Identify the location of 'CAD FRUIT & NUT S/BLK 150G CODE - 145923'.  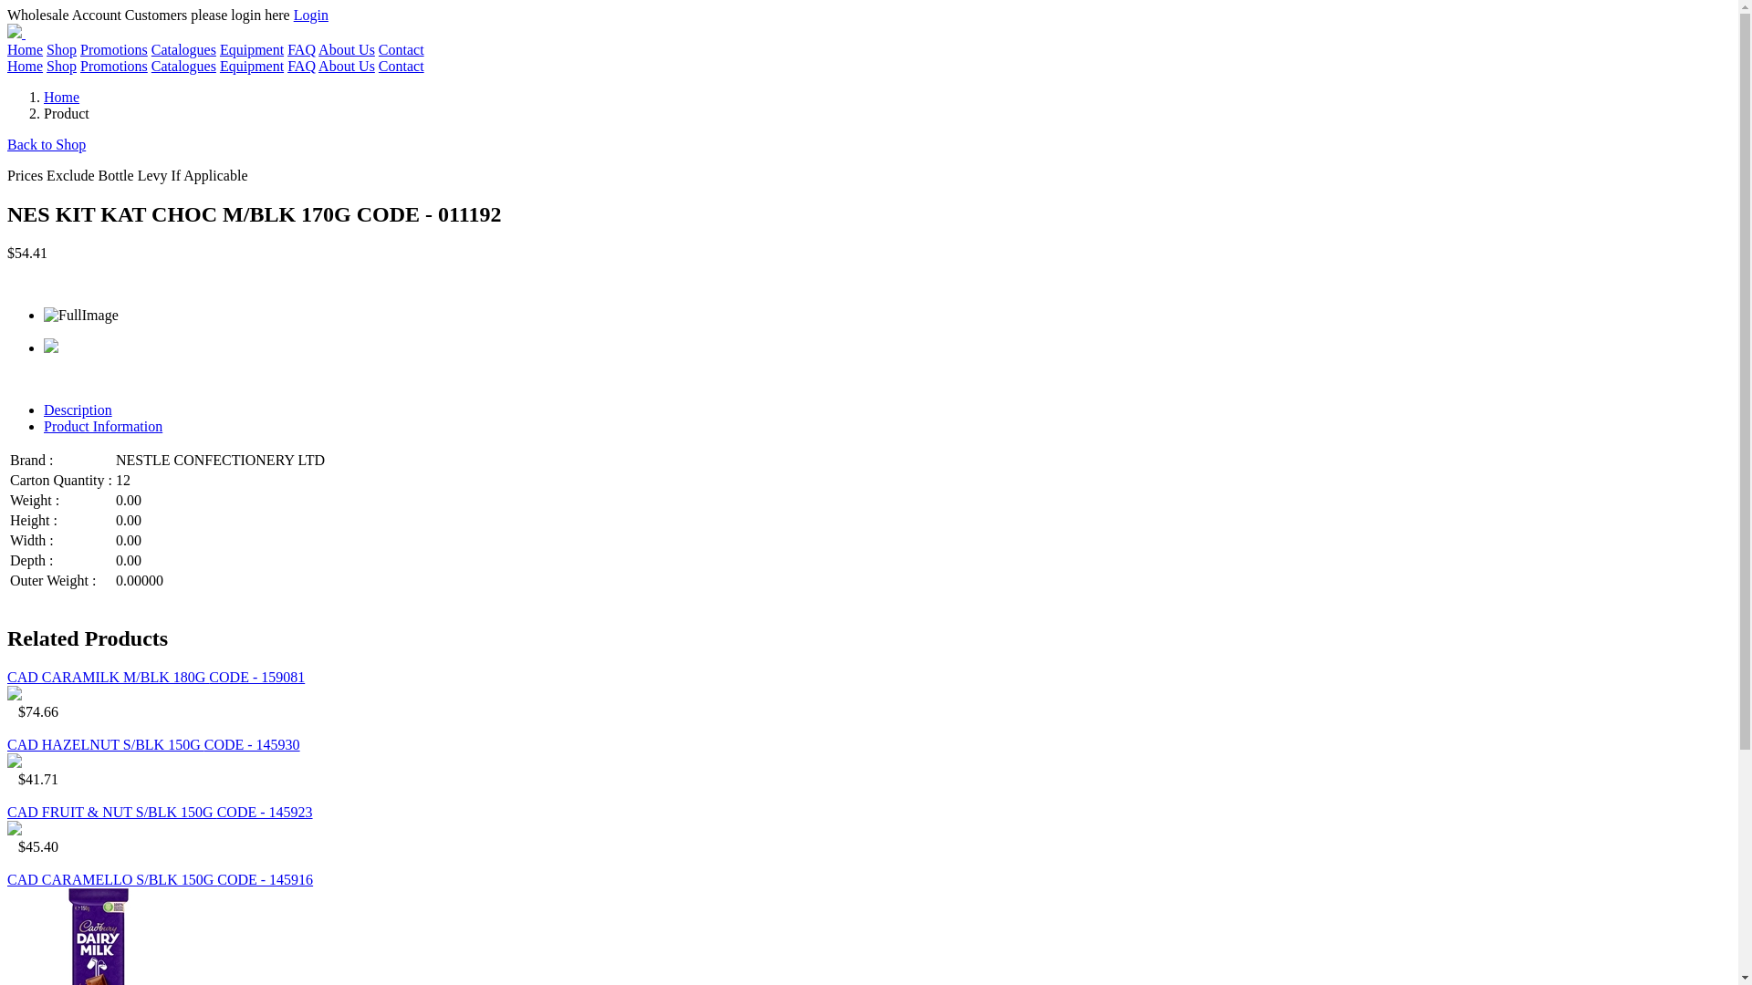
(160, 811).